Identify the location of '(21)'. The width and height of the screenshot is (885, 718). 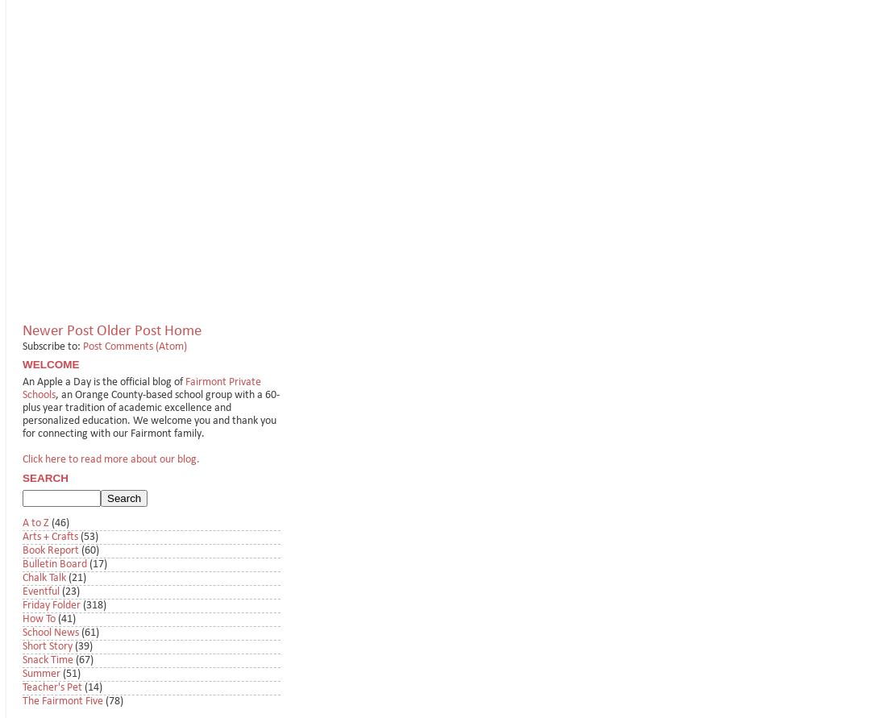
(77, 578).